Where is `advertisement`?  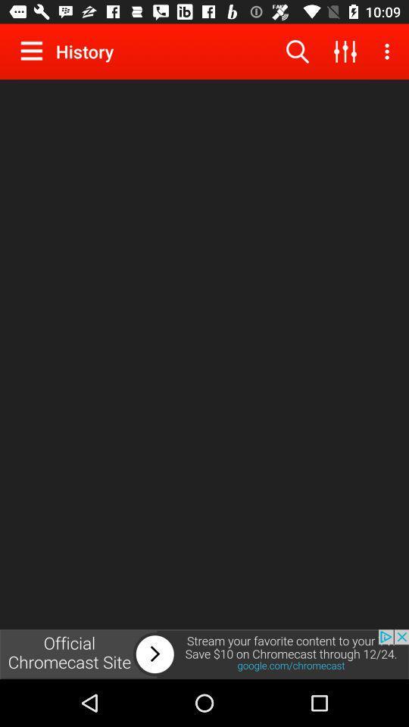 advertisement is located at coordinates (204, 654).